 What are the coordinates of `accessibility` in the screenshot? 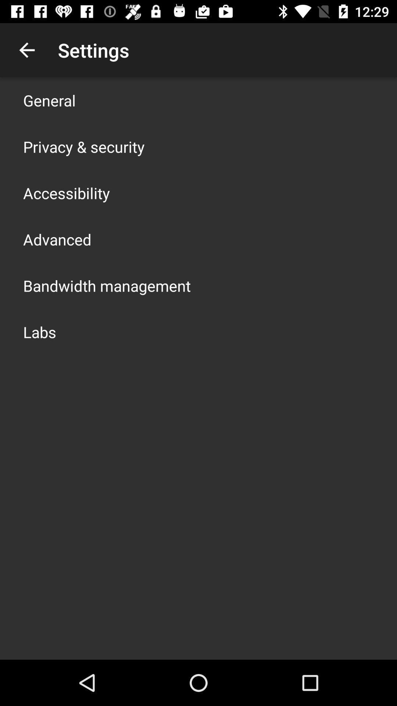 It's located at (67, 193).